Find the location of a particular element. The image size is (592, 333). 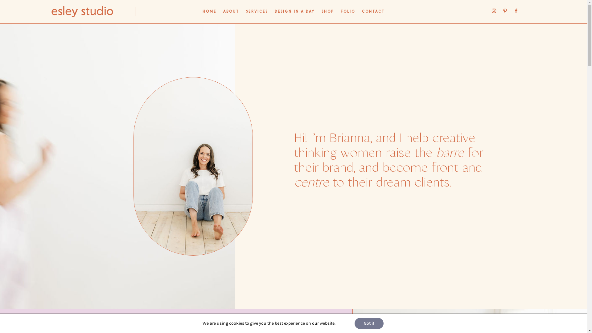

'Follow on Instagram' is located at coordinates (494, 10).